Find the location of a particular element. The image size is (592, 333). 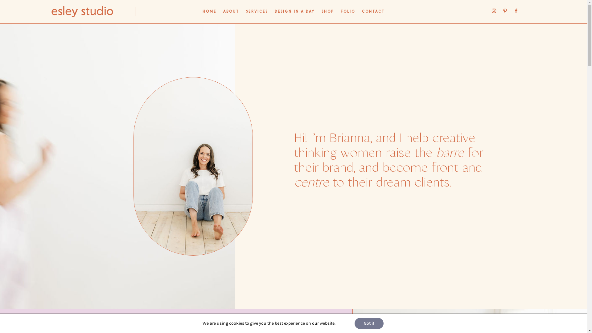

'Follow on Instagram' is located at coordinates (494, 10).